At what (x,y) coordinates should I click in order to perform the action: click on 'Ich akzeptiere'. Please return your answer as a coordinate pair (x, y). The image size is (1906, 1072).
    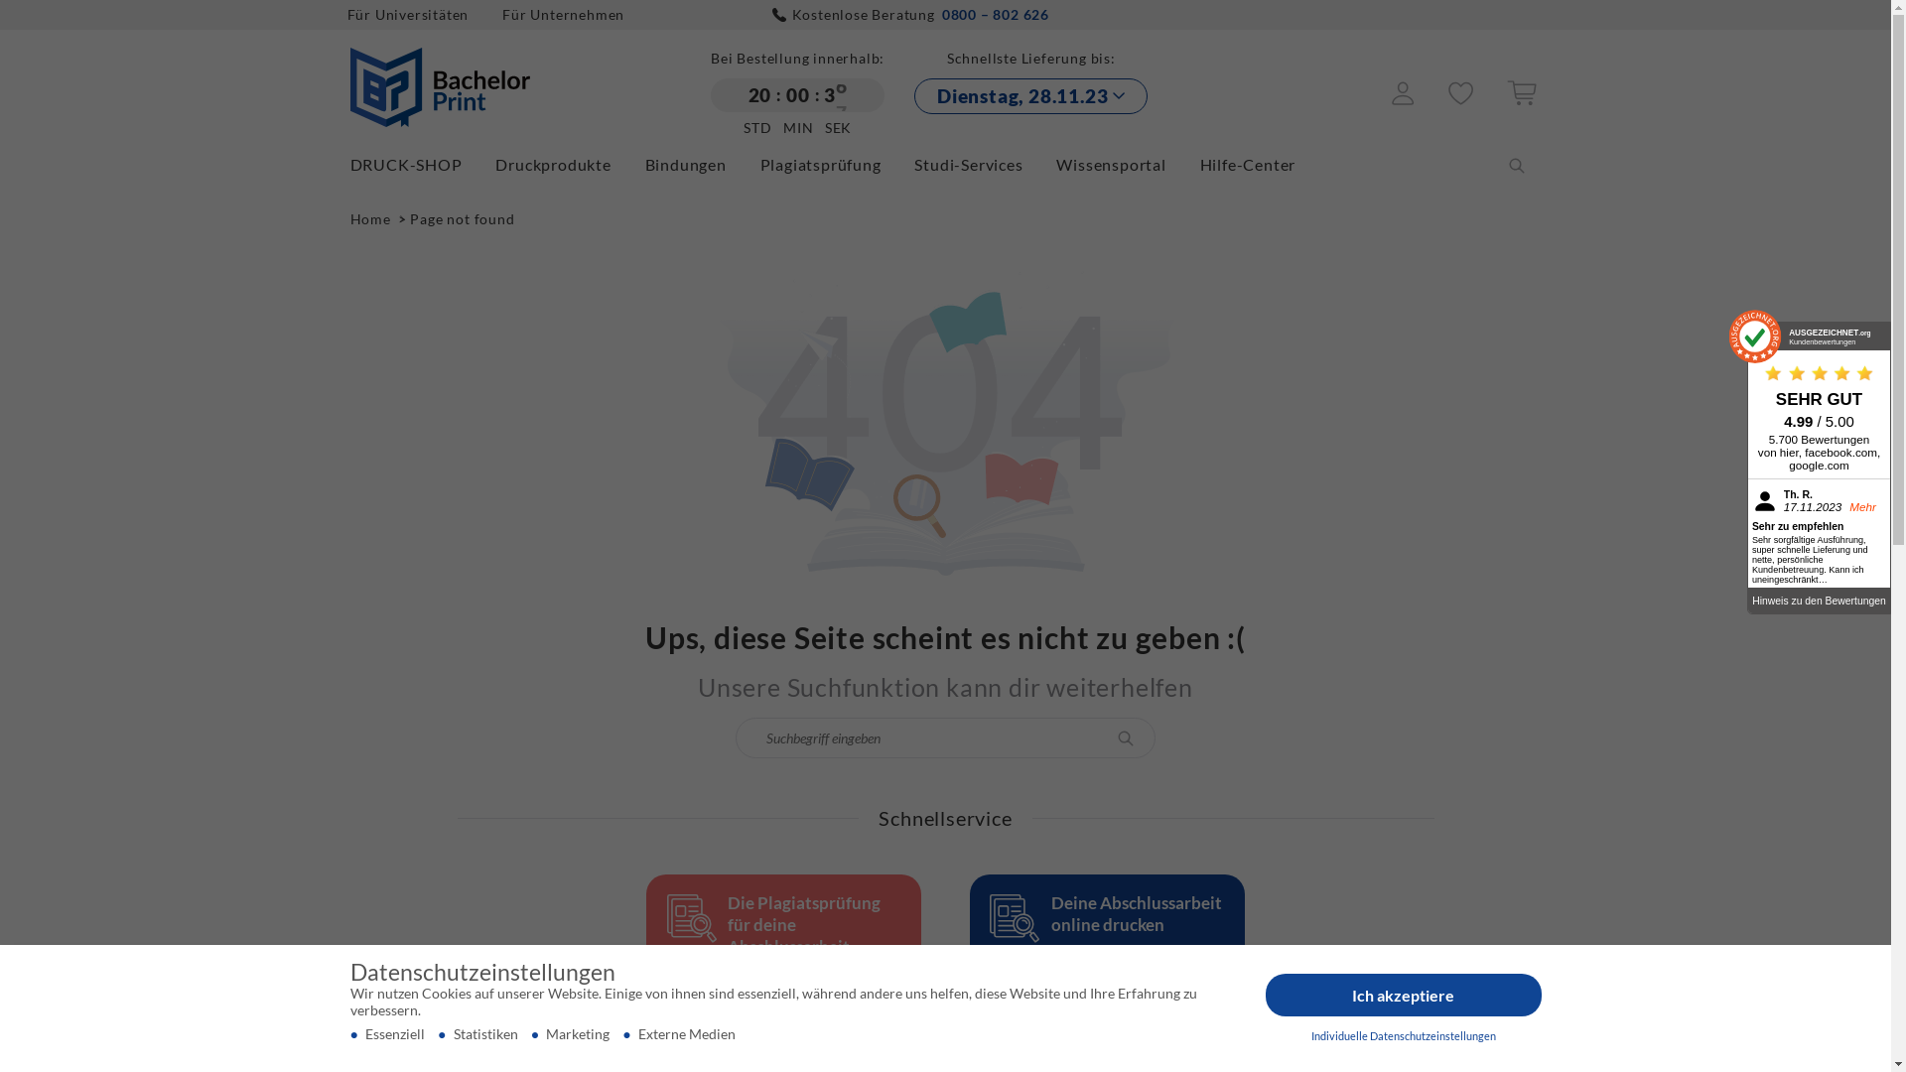
    Looking at the image, I should click on (1403, 995).